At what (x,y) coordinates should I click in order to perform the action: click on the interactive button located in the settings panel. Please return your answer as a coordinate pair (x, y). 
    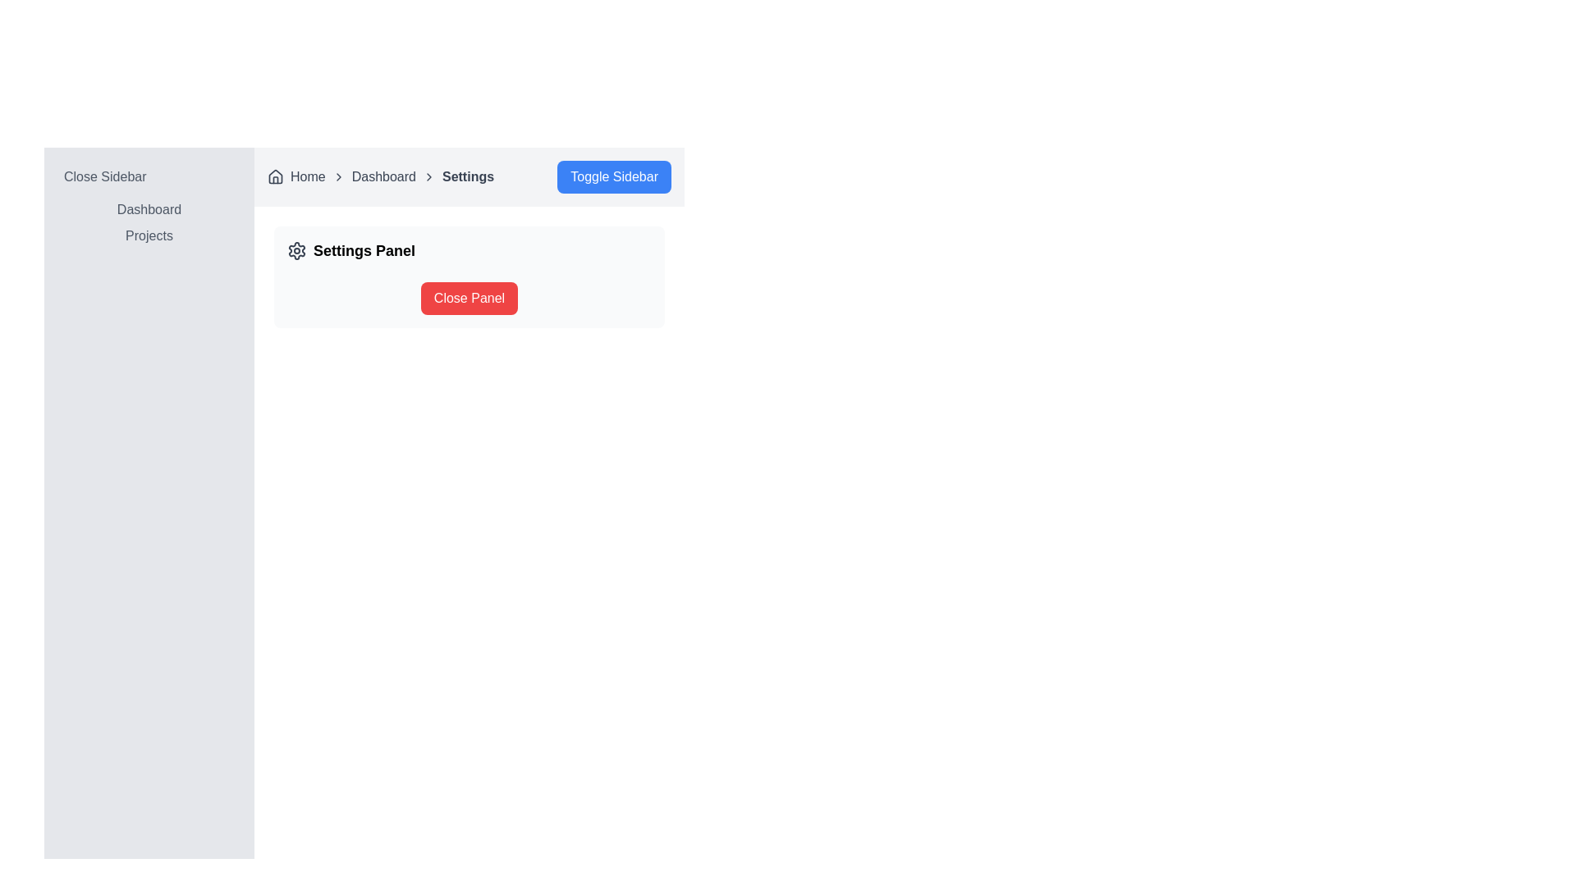
    Looking at the image, I should click on (468, 298).